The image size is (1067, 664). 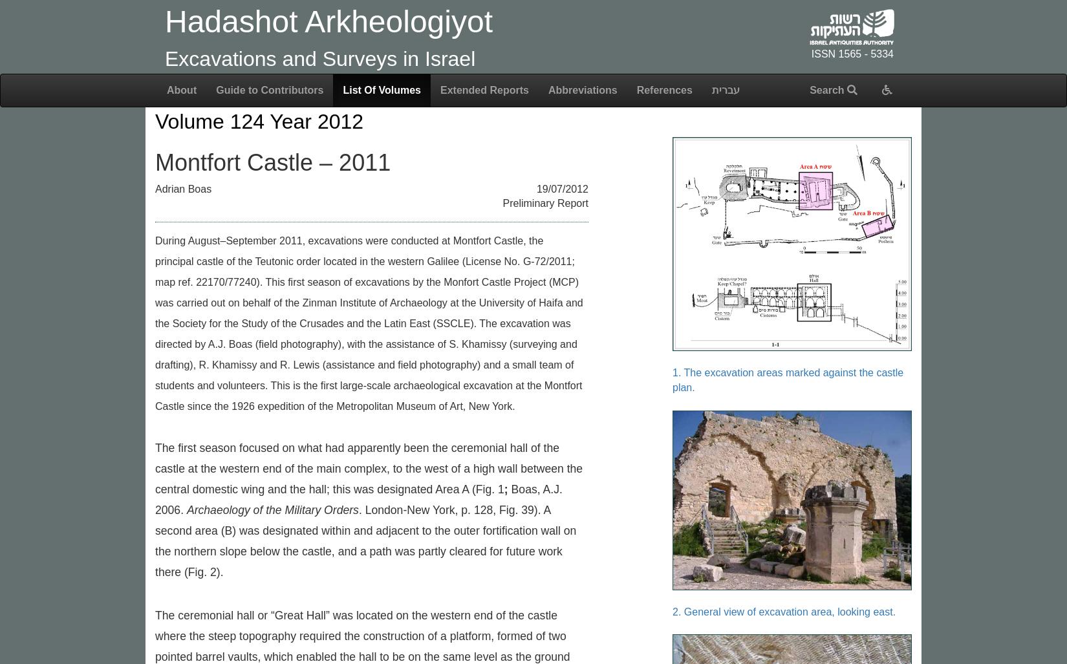 What do you see at coordinates (788, 380) in the screenshot?
I see `'1.  The excavation areas marked against the castle plan.'` at bounding box center [788, 380].